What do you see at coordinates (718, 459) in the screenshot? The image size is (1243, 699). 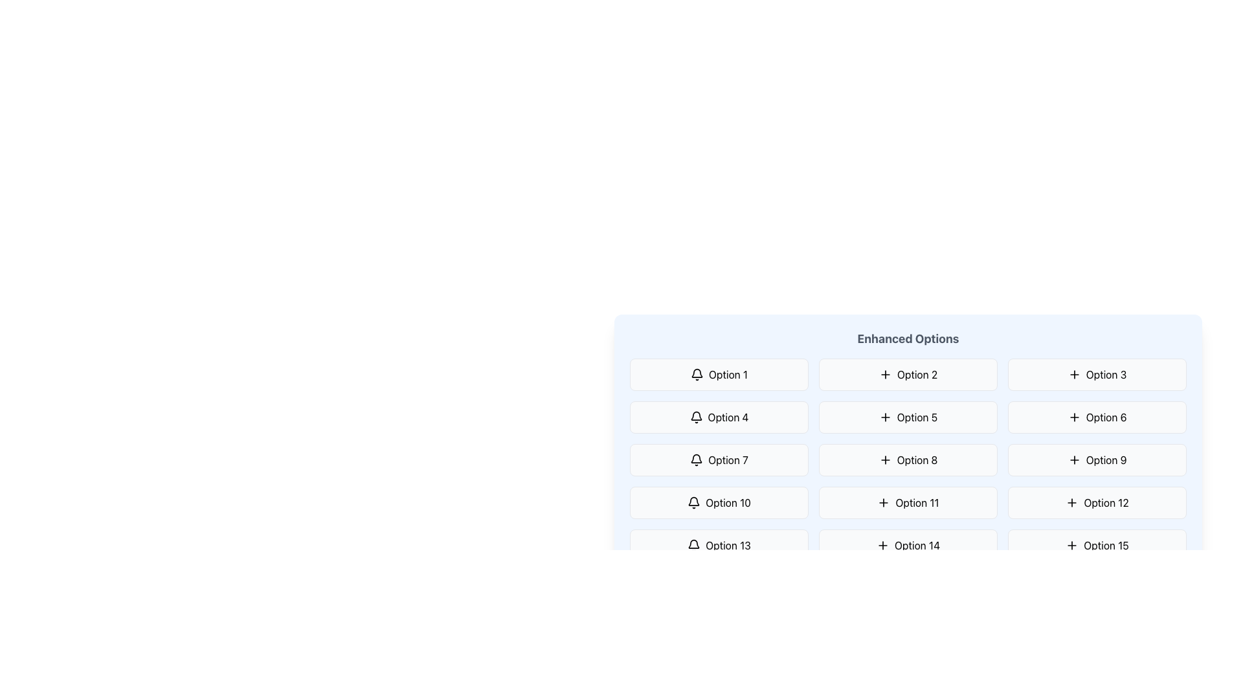 I see `the rectangular button with rounded corners labeled 'Option 7' that contains a bell icon` at bounding box center [718, 459].